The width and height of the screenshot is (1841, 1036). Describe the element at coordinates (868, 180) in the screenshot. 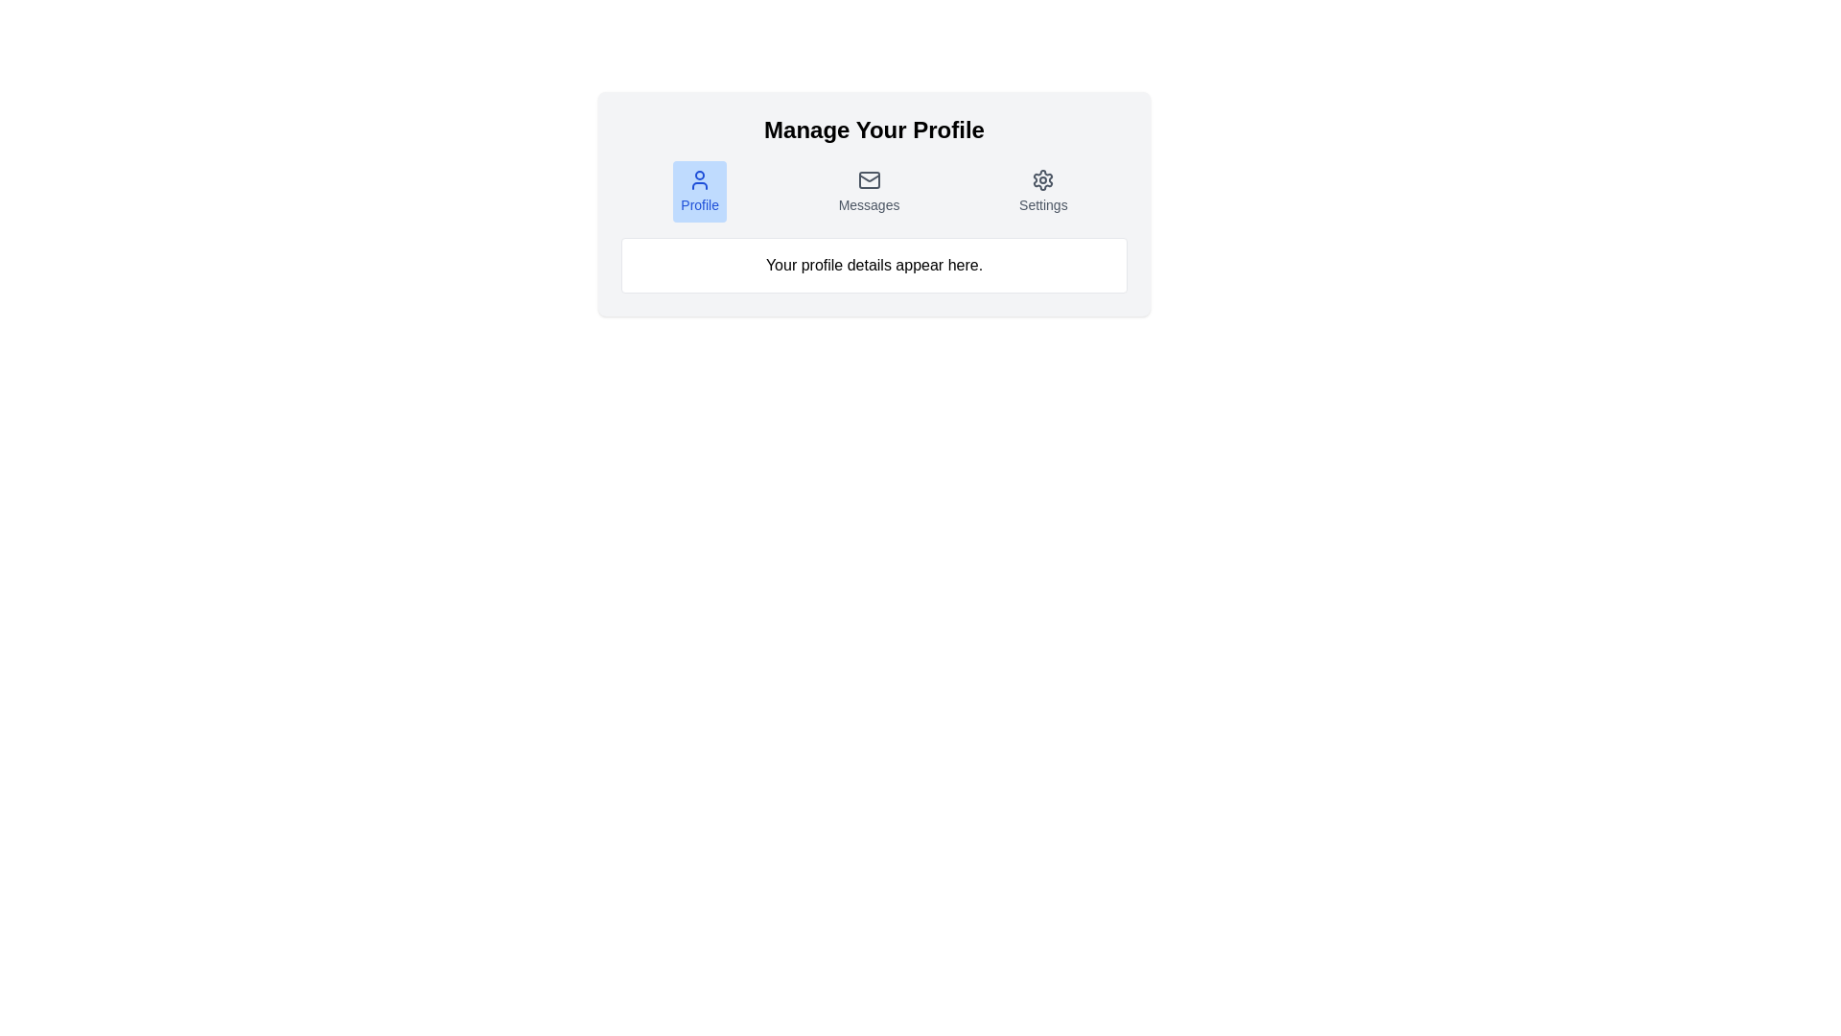

I see `the envelope-shaped icon located centrally within the 'Messages' button, which is the middle option in a horizontal group of three buttons ('Profile', 'Messages', 'Settings')` at that location.